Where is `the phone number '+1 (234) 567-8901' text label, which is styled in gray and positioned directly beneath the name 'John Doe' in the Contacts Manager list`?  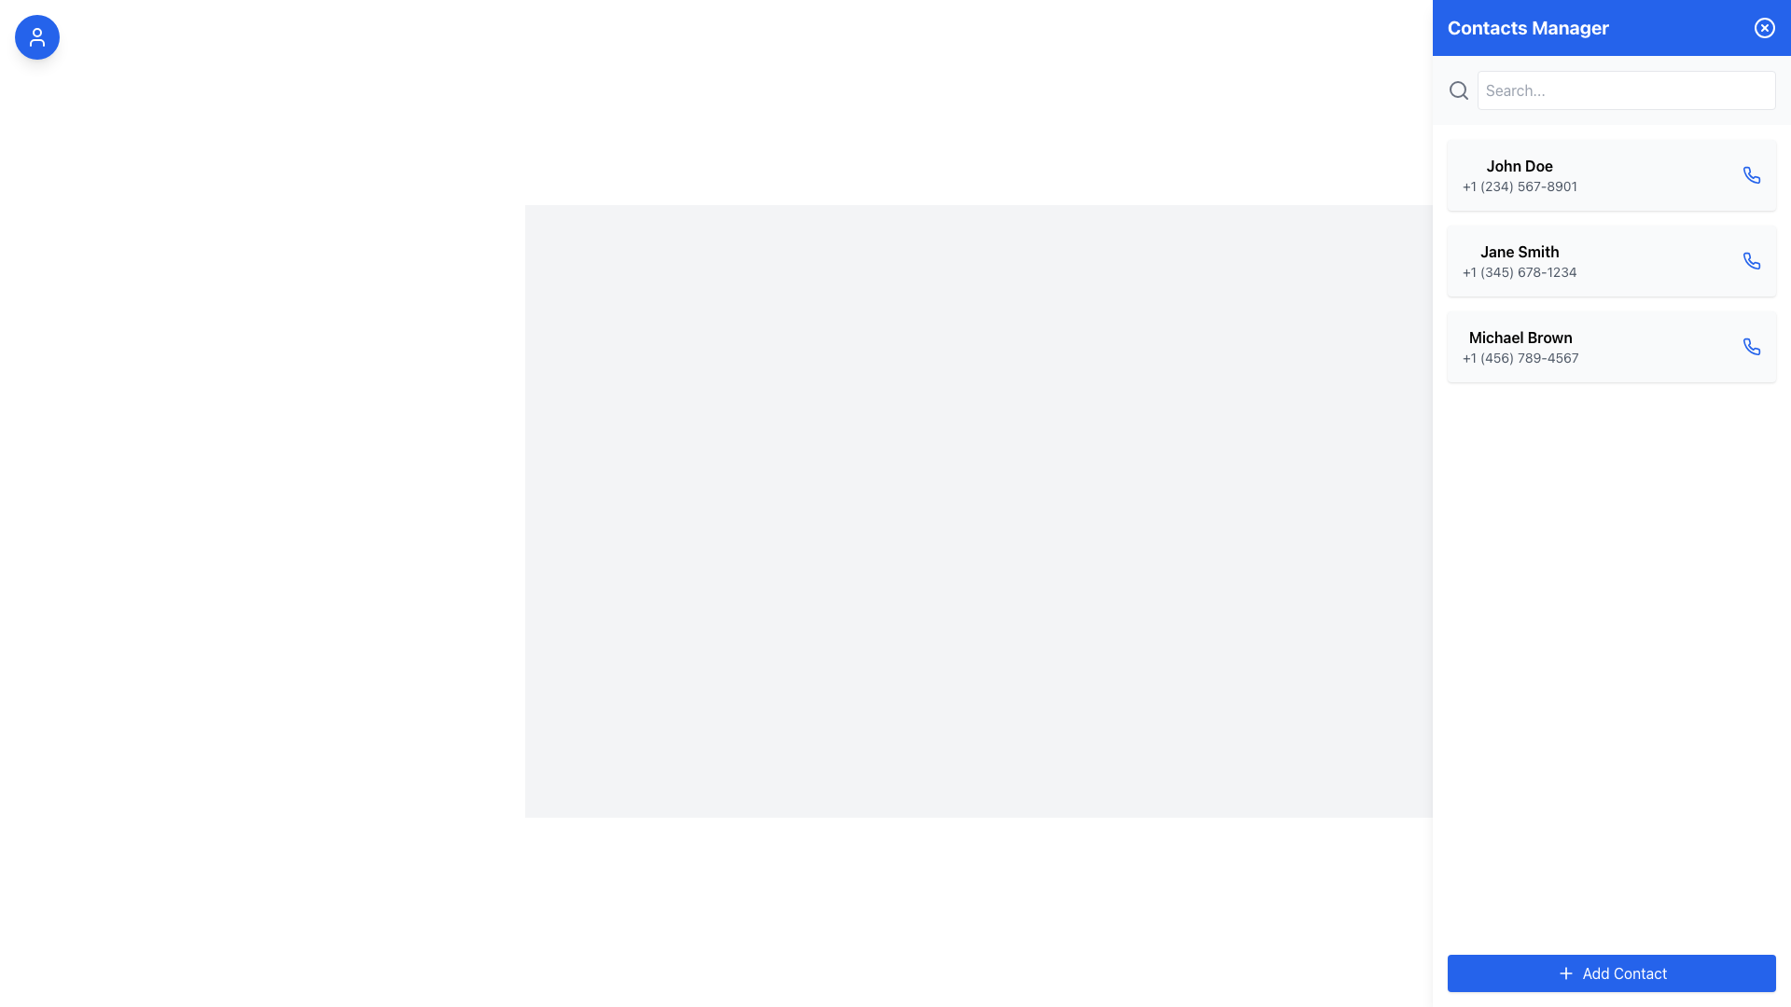
the phone number '+1 (234) 567-8901' text label, which is styled in gray and positioned directly beneath the name 'John Doe' in the Contacts Manager list is located at coordinates (1520, 186).